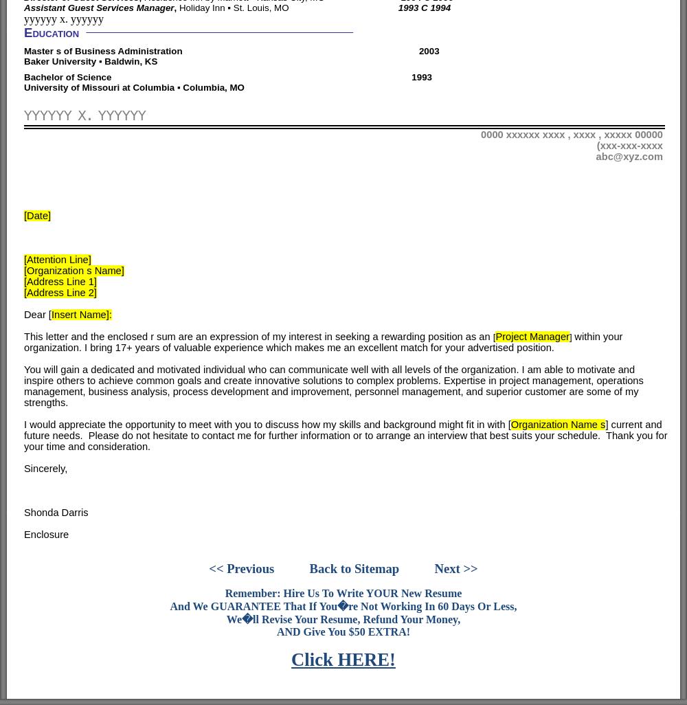  What do you see at coordinates (50, 313) in the screenshot?
I see `'Insert Name]:'` at bounding box center [50, 313].